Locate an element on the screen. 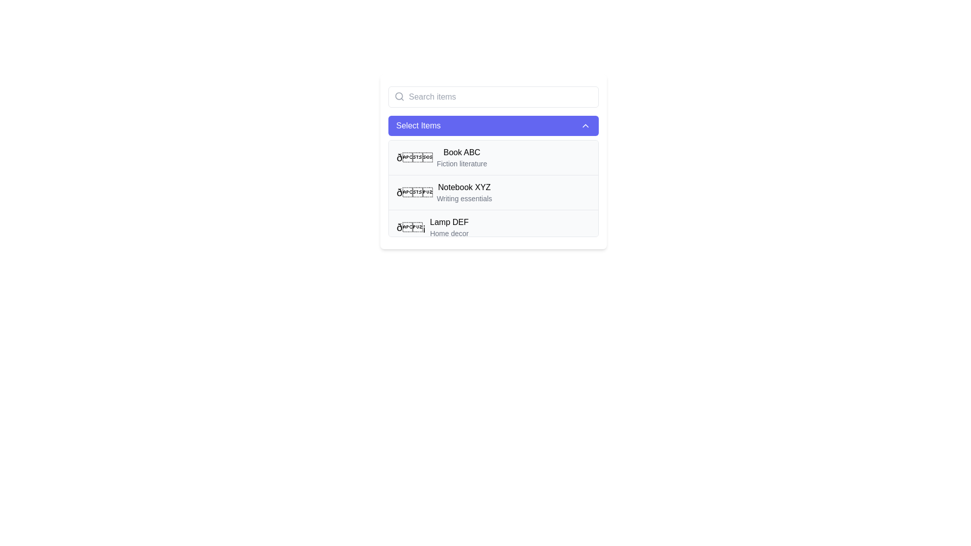  the SVG Circle representing the search icon located in the top left corner of the interface, adjacent to the 'Search items' input box is located at coordinates (398, 96).